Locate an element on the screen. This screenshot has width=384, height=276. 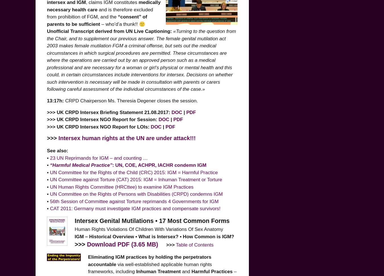
'13:17h:' is located at coordinates (55, 100).